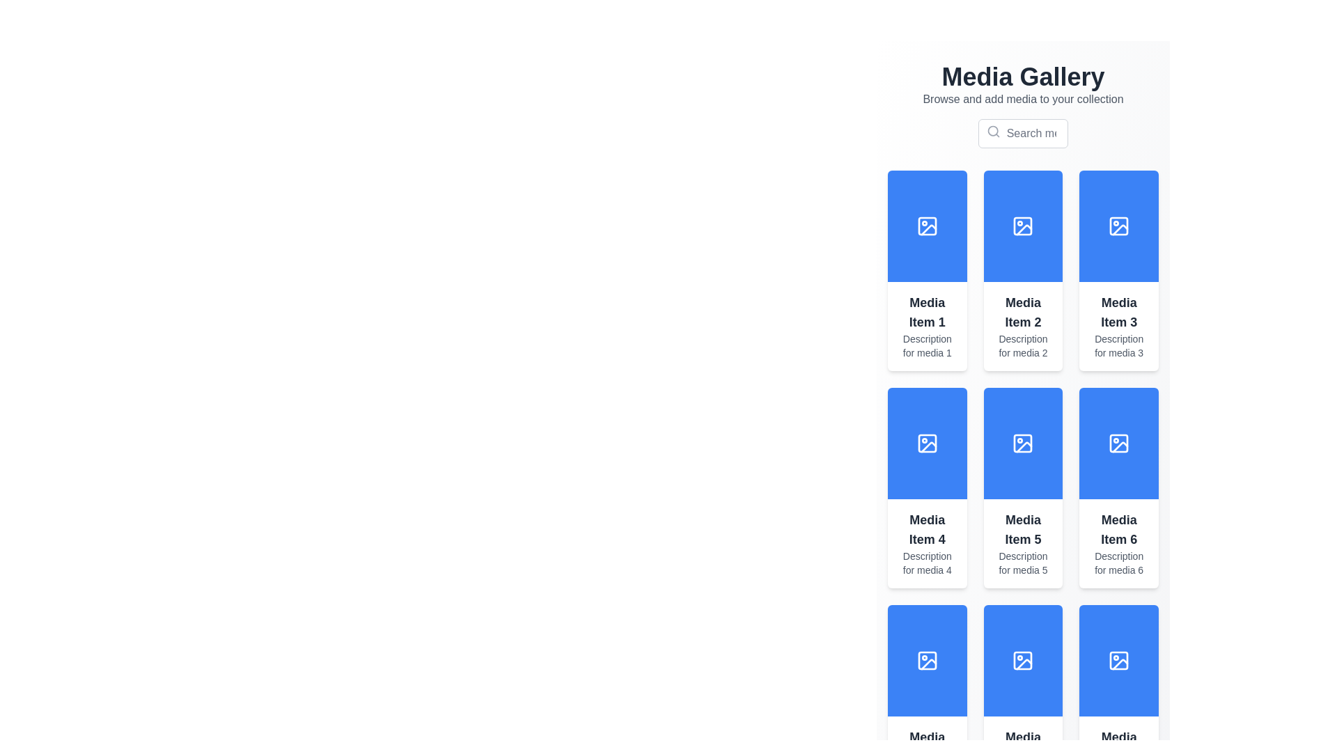  Describe the element at coordinates (927, 542) in the screenshot. I see `the text block titled 'Media Item 4' within the card layout` at that location.